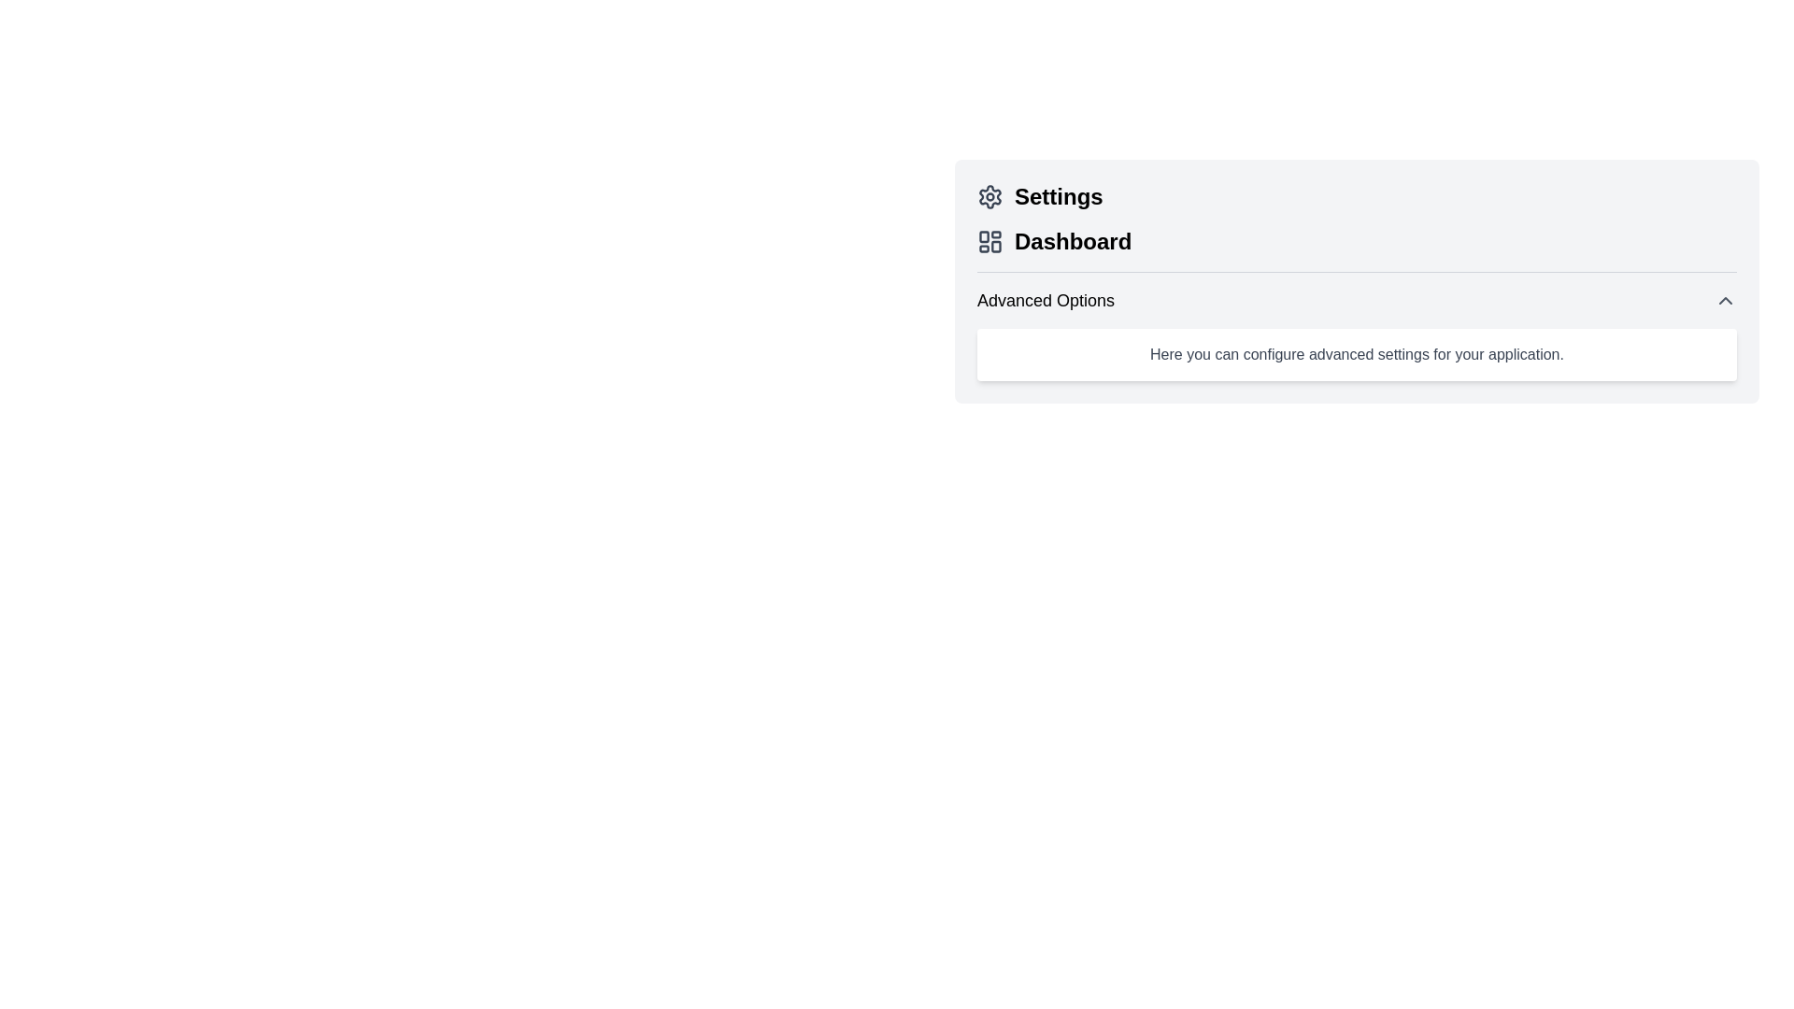 This screenshot has width=1794, height=1009. I want to click on the Informational Text Block containing the text 'Here you can configure advanced settings for your application.' which is located within the 'Advanced Options' section of the settings panel, so click(1357, 355).